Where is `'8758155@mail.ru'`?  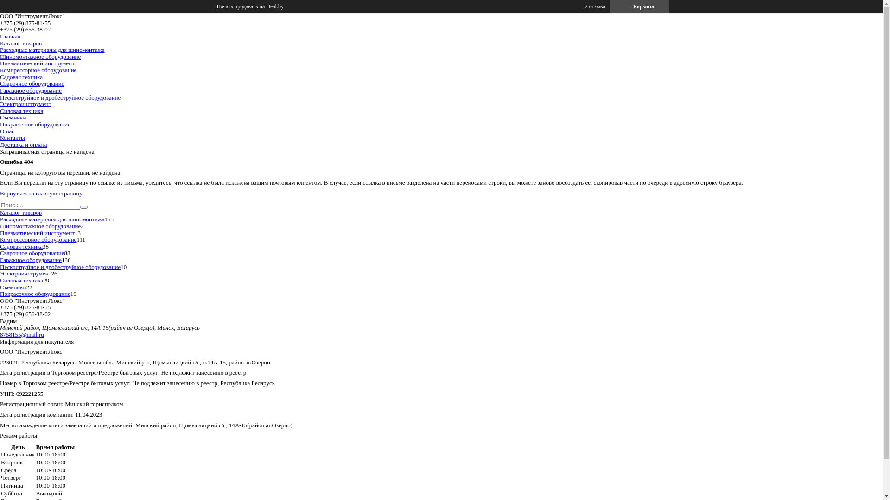
'8758155@mail.ru' is located at coordinates (22, 334).